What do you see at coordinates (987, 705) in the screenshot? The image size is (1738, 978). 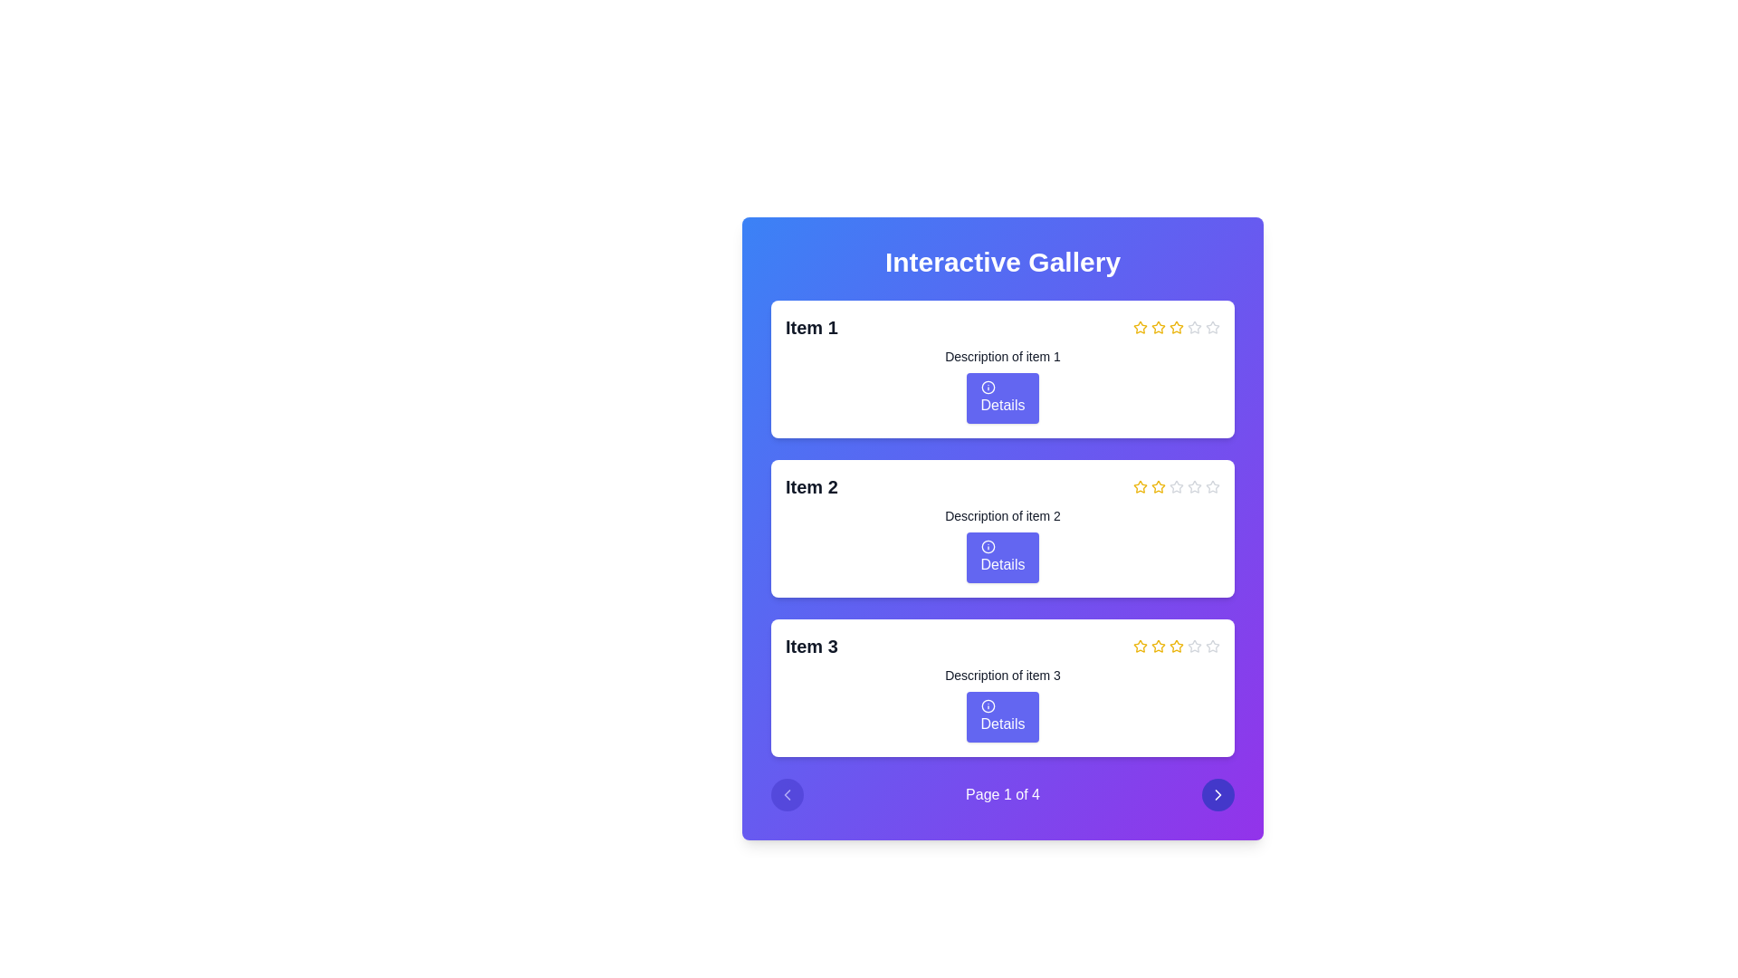 I see `the circular part of the 'info' icon, which contains an 'i' shape, located in the 'Details' button under 'Item 3'` at bounding box center [987, 705].